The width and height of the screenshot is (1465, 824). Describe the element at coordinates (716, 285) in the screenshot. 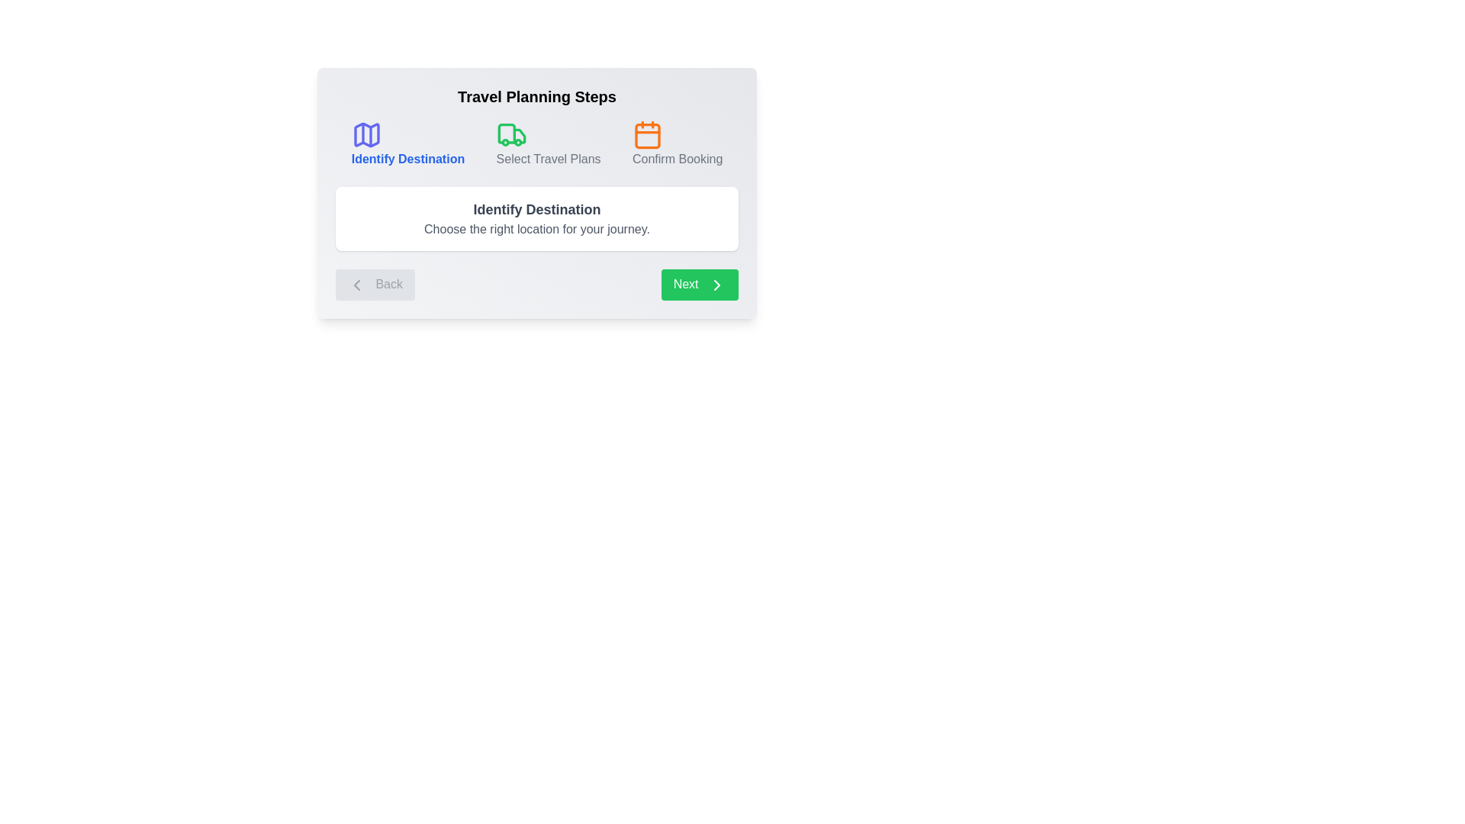

I see `the green 'Next' button which contains the directional icon, to proceed to the next step` at that location.